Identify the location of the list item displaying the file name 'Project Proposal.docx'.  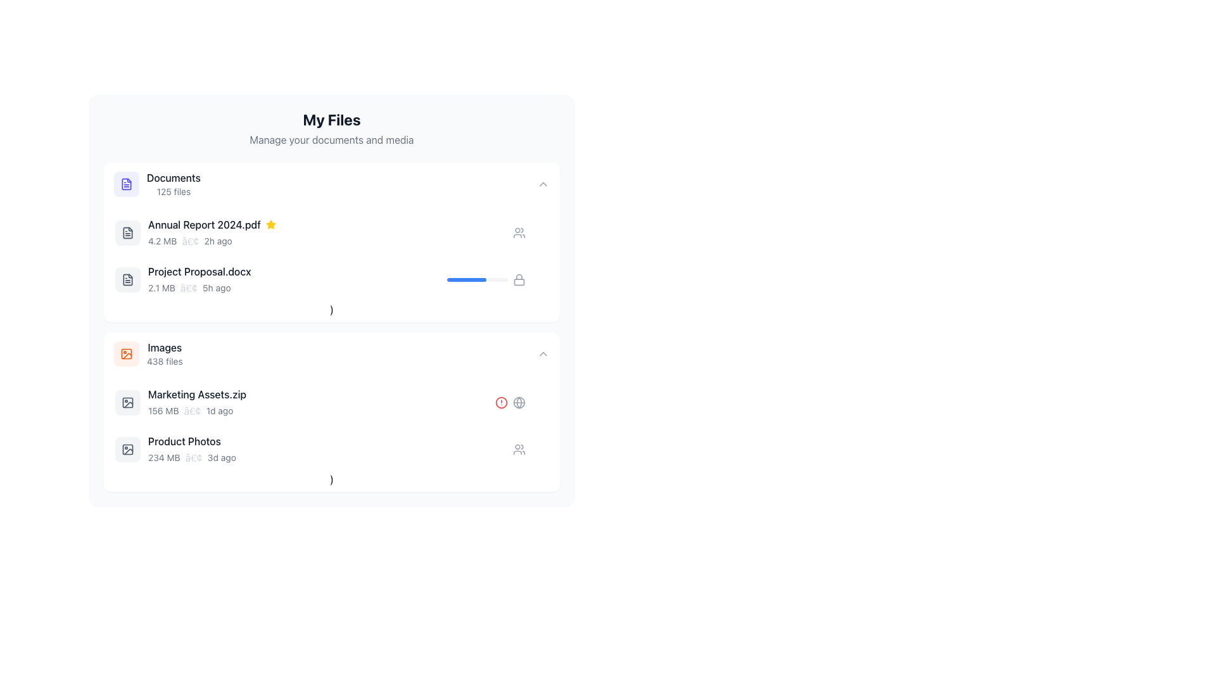
(297, 279).